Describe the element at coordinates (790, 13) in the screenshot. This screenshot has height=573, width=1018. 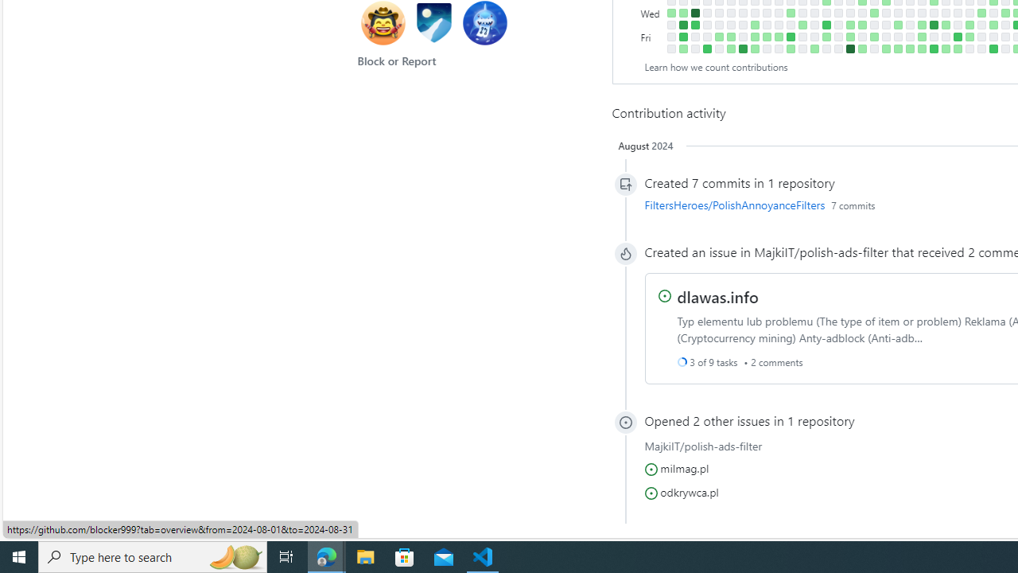
I see `'3 contributions on March 13th.'` at that location.